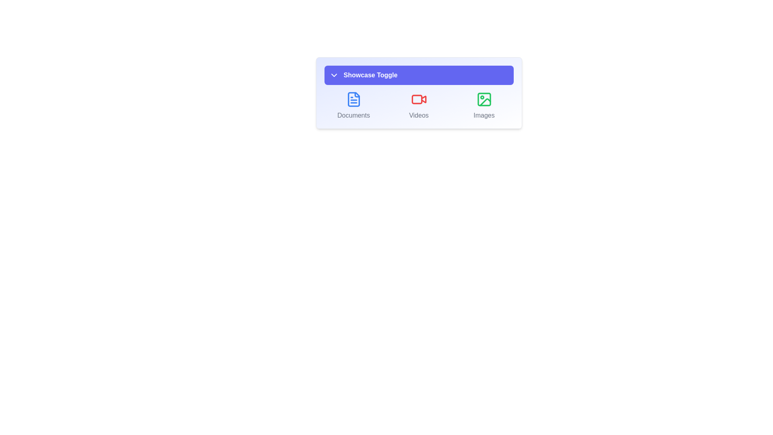 This screenshot has width=773, height=435. Describe the element at coordinates (484, 99) in the screenshot. I see `the rightmost icon in the 'Images' section, which is located below the 'Showcase Toggle' label and adjacent to the 'Images' text` at that location.